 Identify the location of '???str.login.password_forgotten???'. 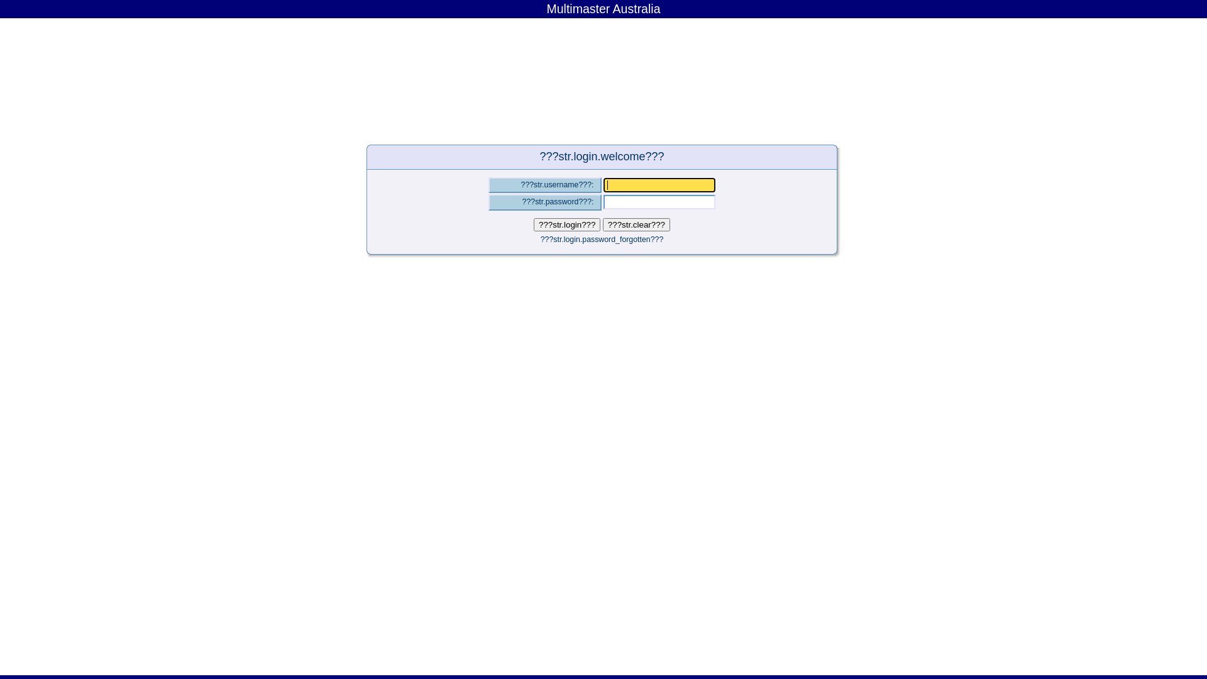
(540, 240).